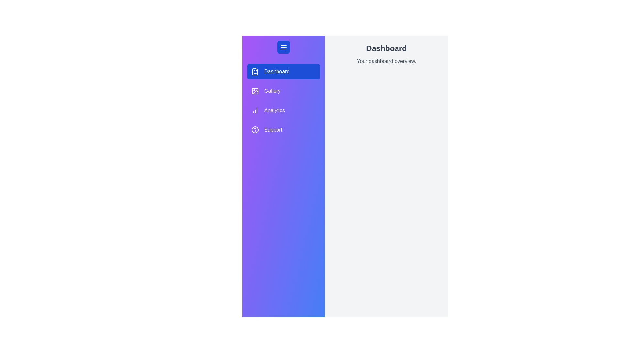 The image size is (621, 349). Describe the element at coordinates (284, 110) in the screenshot. I see `the menu item labeled 'Analytics' to highlight it` at that location.